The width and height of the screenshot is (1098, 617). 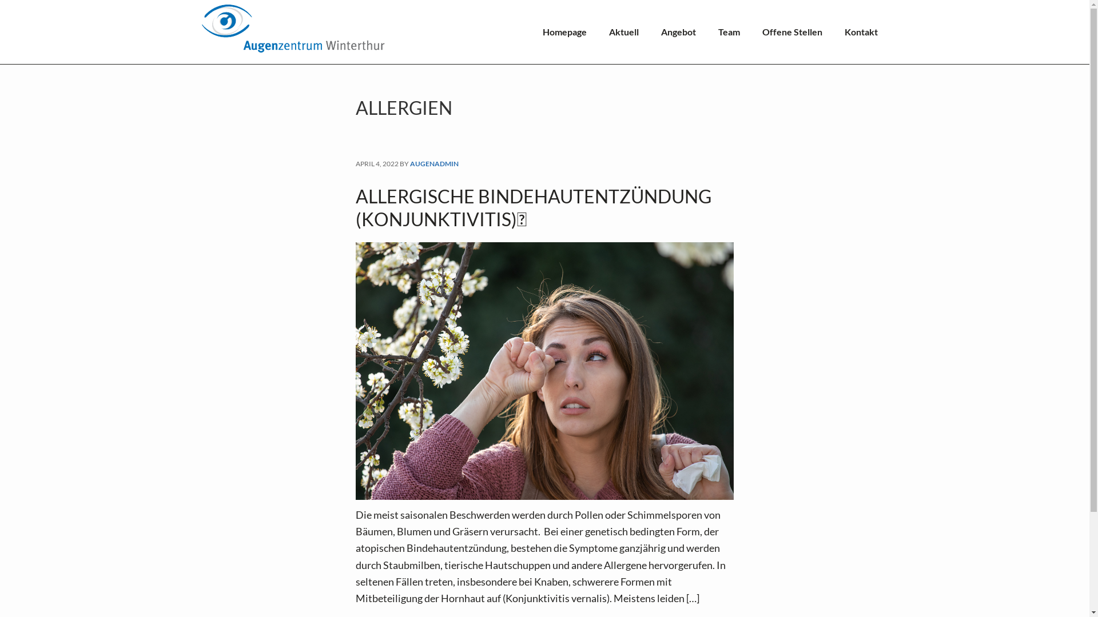 I want to click on 'Aktuell', so click(x=622, y=31).